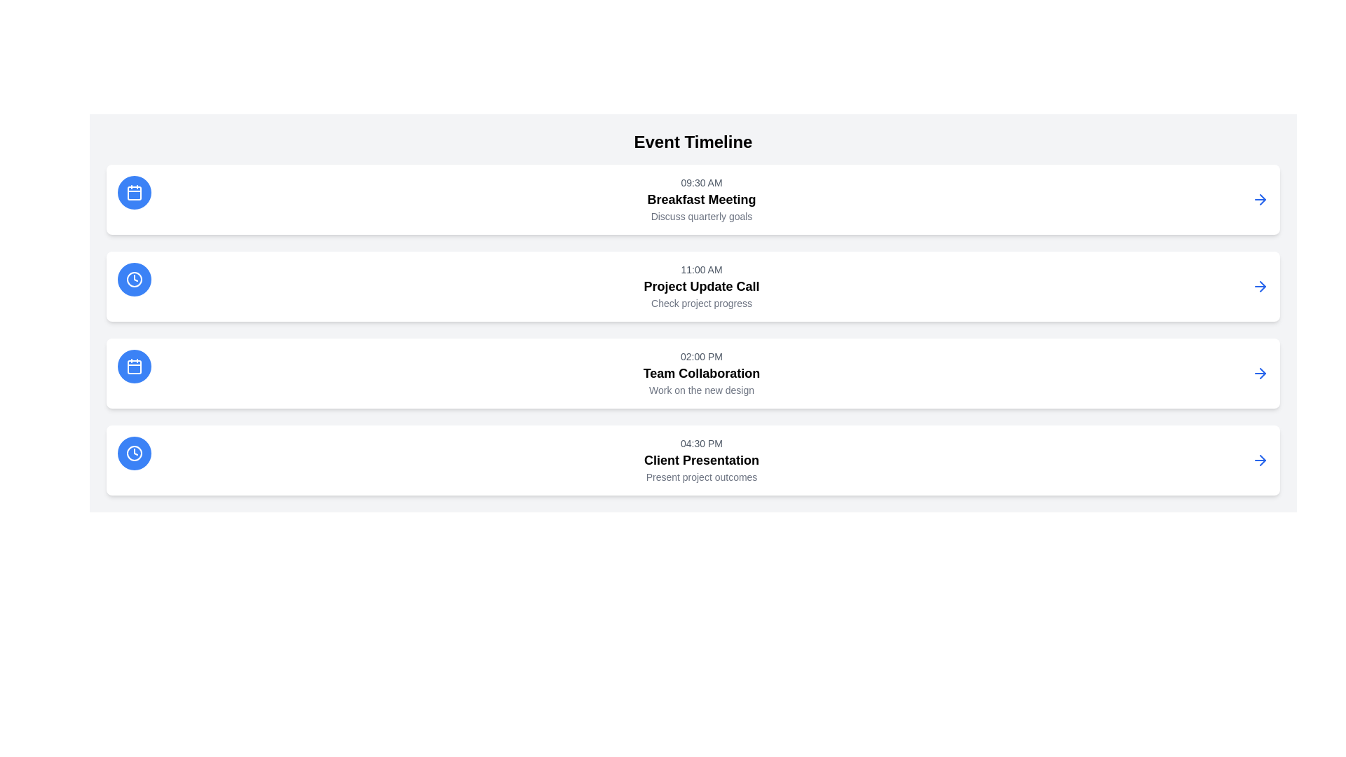  I want to click on the SVG Icon (Arrow) located to the right edge of the 'Project Update Call' entry in the Event Timeline interface, so click(1263, 285).